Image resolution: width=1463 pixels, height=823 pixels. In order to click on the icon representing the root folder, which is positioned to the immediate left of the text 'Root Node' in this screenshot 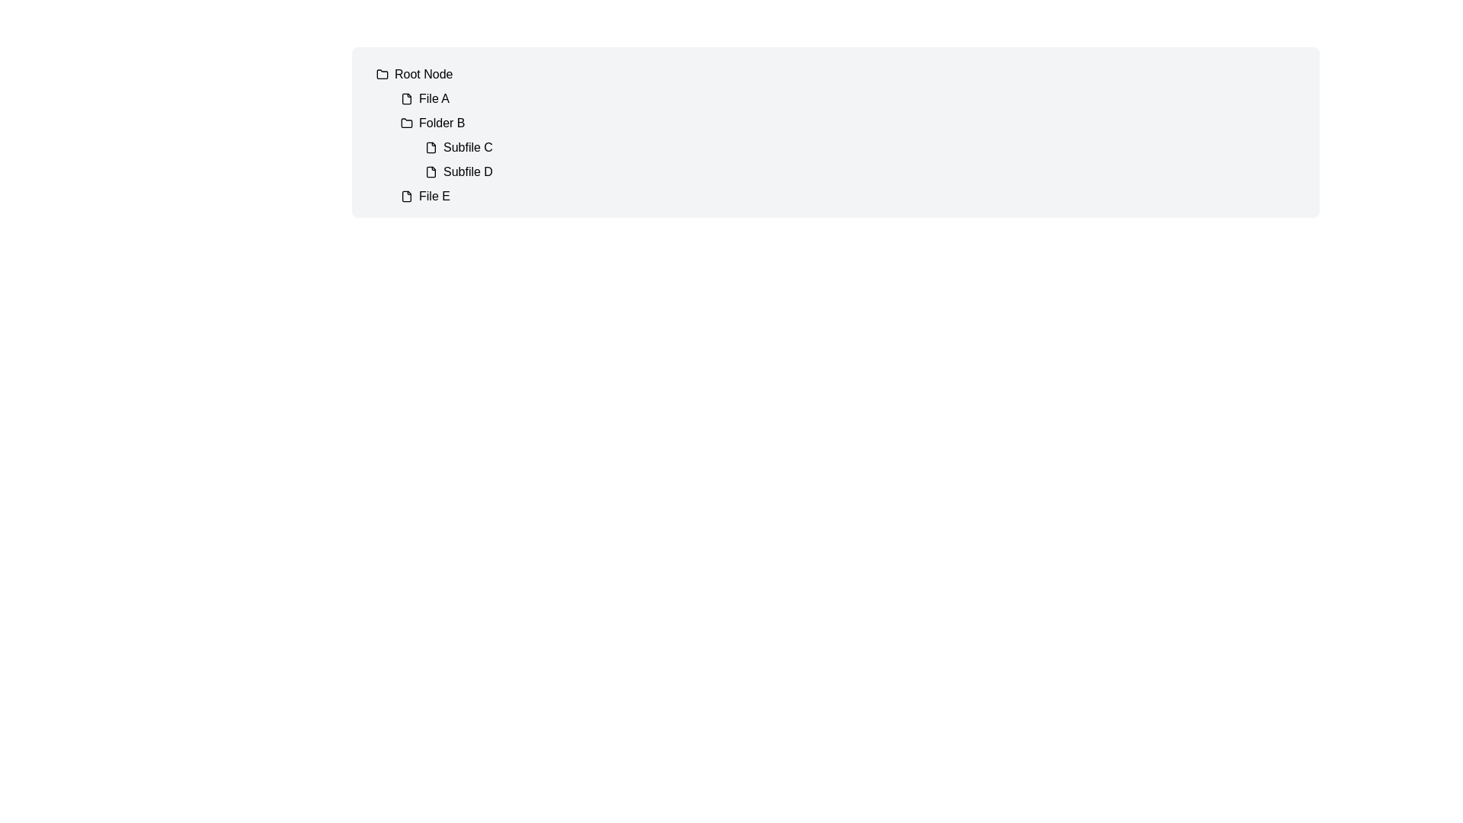, I will do `click(383, 74)`.